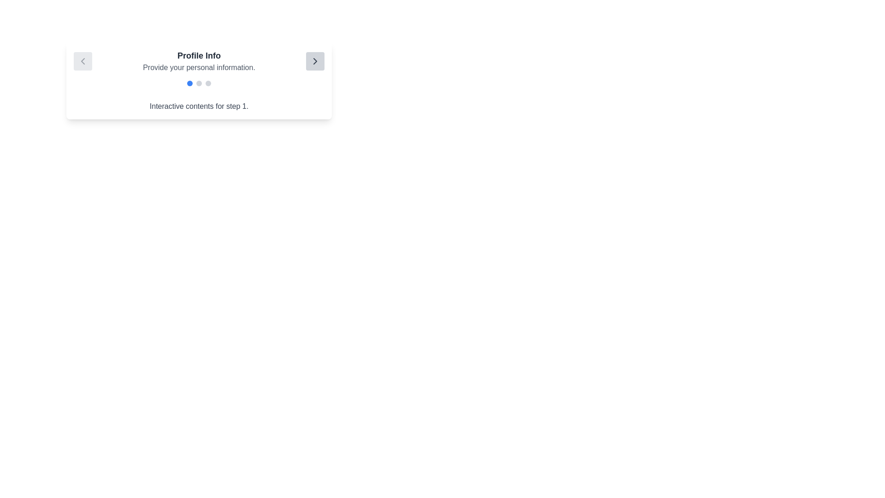 The image size is (885, 498). I want to click on the navigation icon located within the gray-background button at the top right of the 'Profile Info' card, so click(315, 61).